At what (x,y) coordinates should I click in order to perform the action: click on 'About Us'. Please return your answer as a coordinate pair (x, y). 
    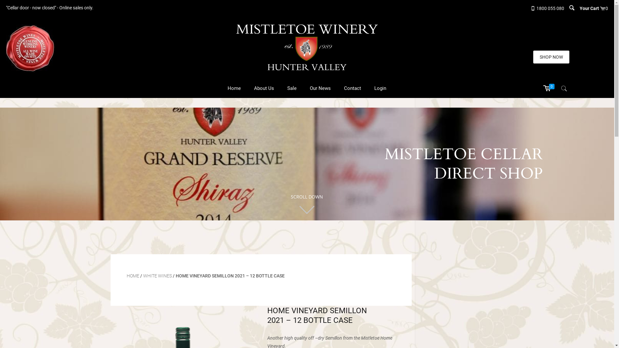
    Looking at the image, I should click on (264, 88).